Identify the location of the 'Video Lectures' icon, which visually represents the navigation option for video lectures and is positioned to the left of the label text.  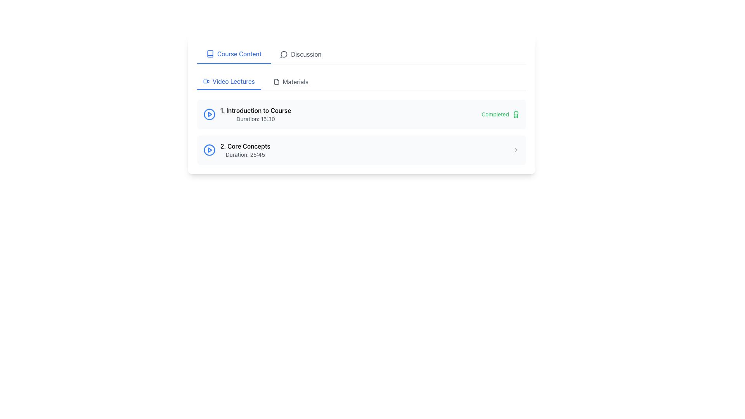
(206, 81).